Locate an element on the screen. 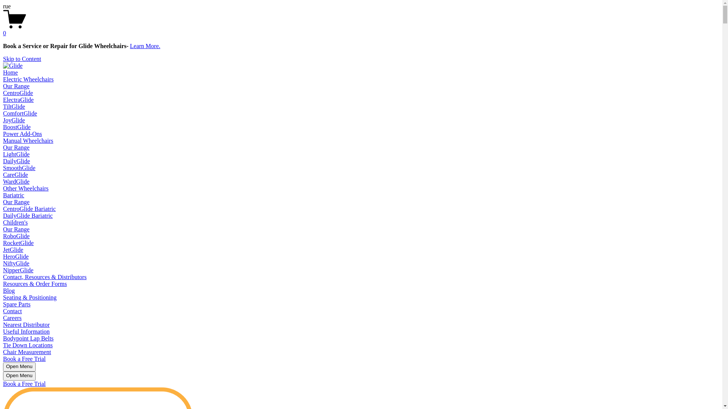  'RoboGlide' is located at coordinates (3, 236).